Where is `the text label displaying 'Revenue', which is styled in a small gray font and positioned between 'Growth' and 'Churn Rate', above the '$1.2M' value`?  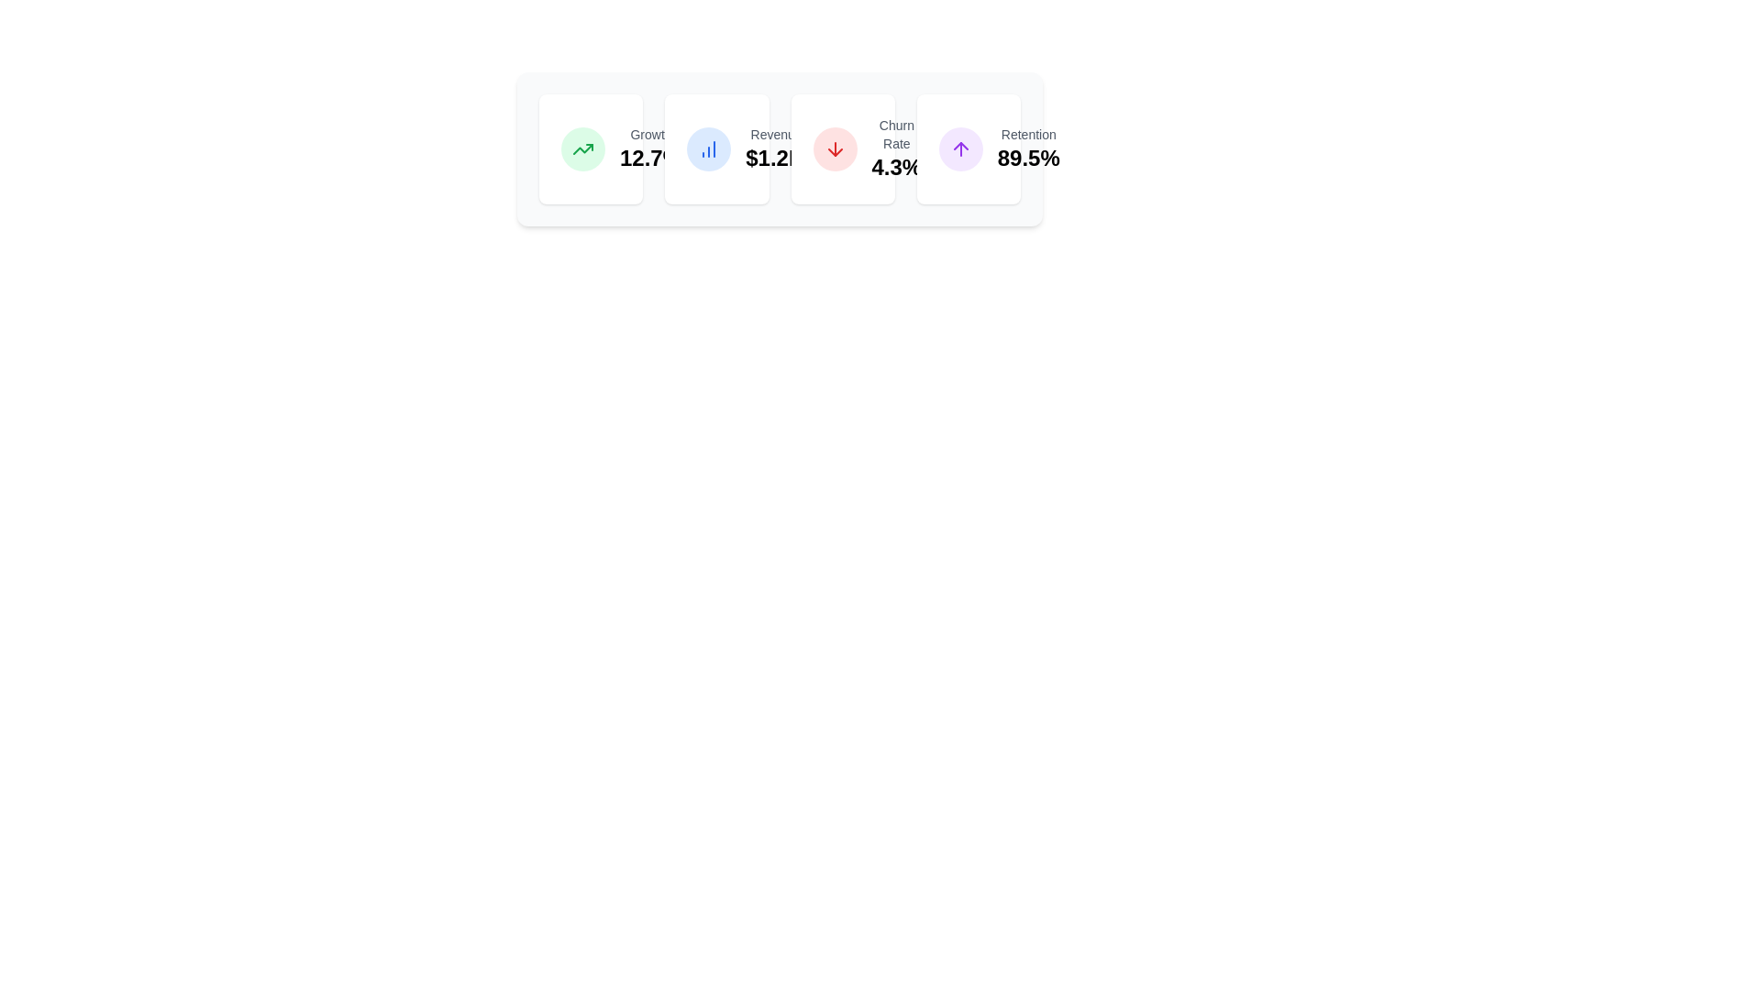 the text label displaying 'Revenue', which is styled in a small gray font and positioned between 'Growth' and 'Churn Rate', above the '$1.2M' value is located at coordinates (776, 133).